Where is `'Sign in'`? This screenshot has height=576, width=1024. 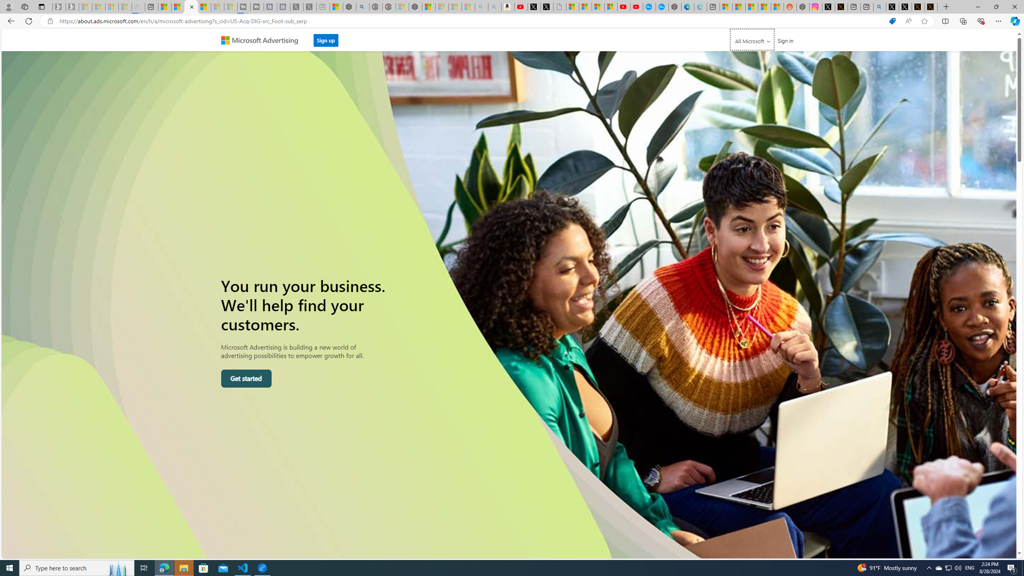
'Sign in' is located at coordinates (785, 40).